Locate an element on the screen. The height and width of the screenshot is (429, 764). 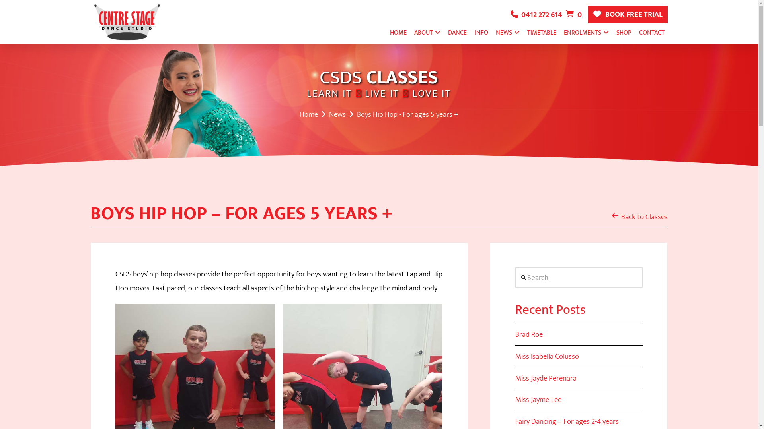
'Miss Isabella Colusso' is located at coordinates (546, 356).